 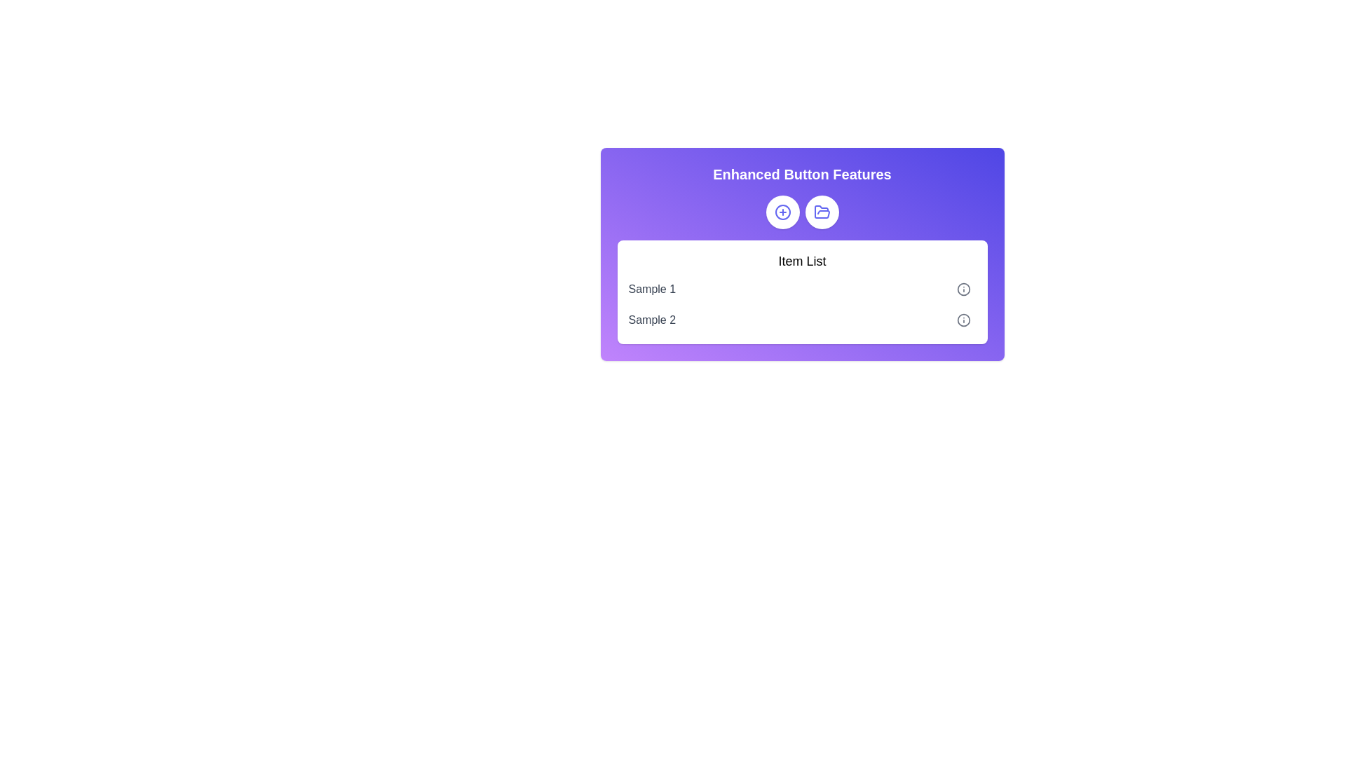 I want to click on the info icon button, which is a small gray circular outline located in the bottom-right corner of the white card in the center of the interface, so click(x=963, y=320).